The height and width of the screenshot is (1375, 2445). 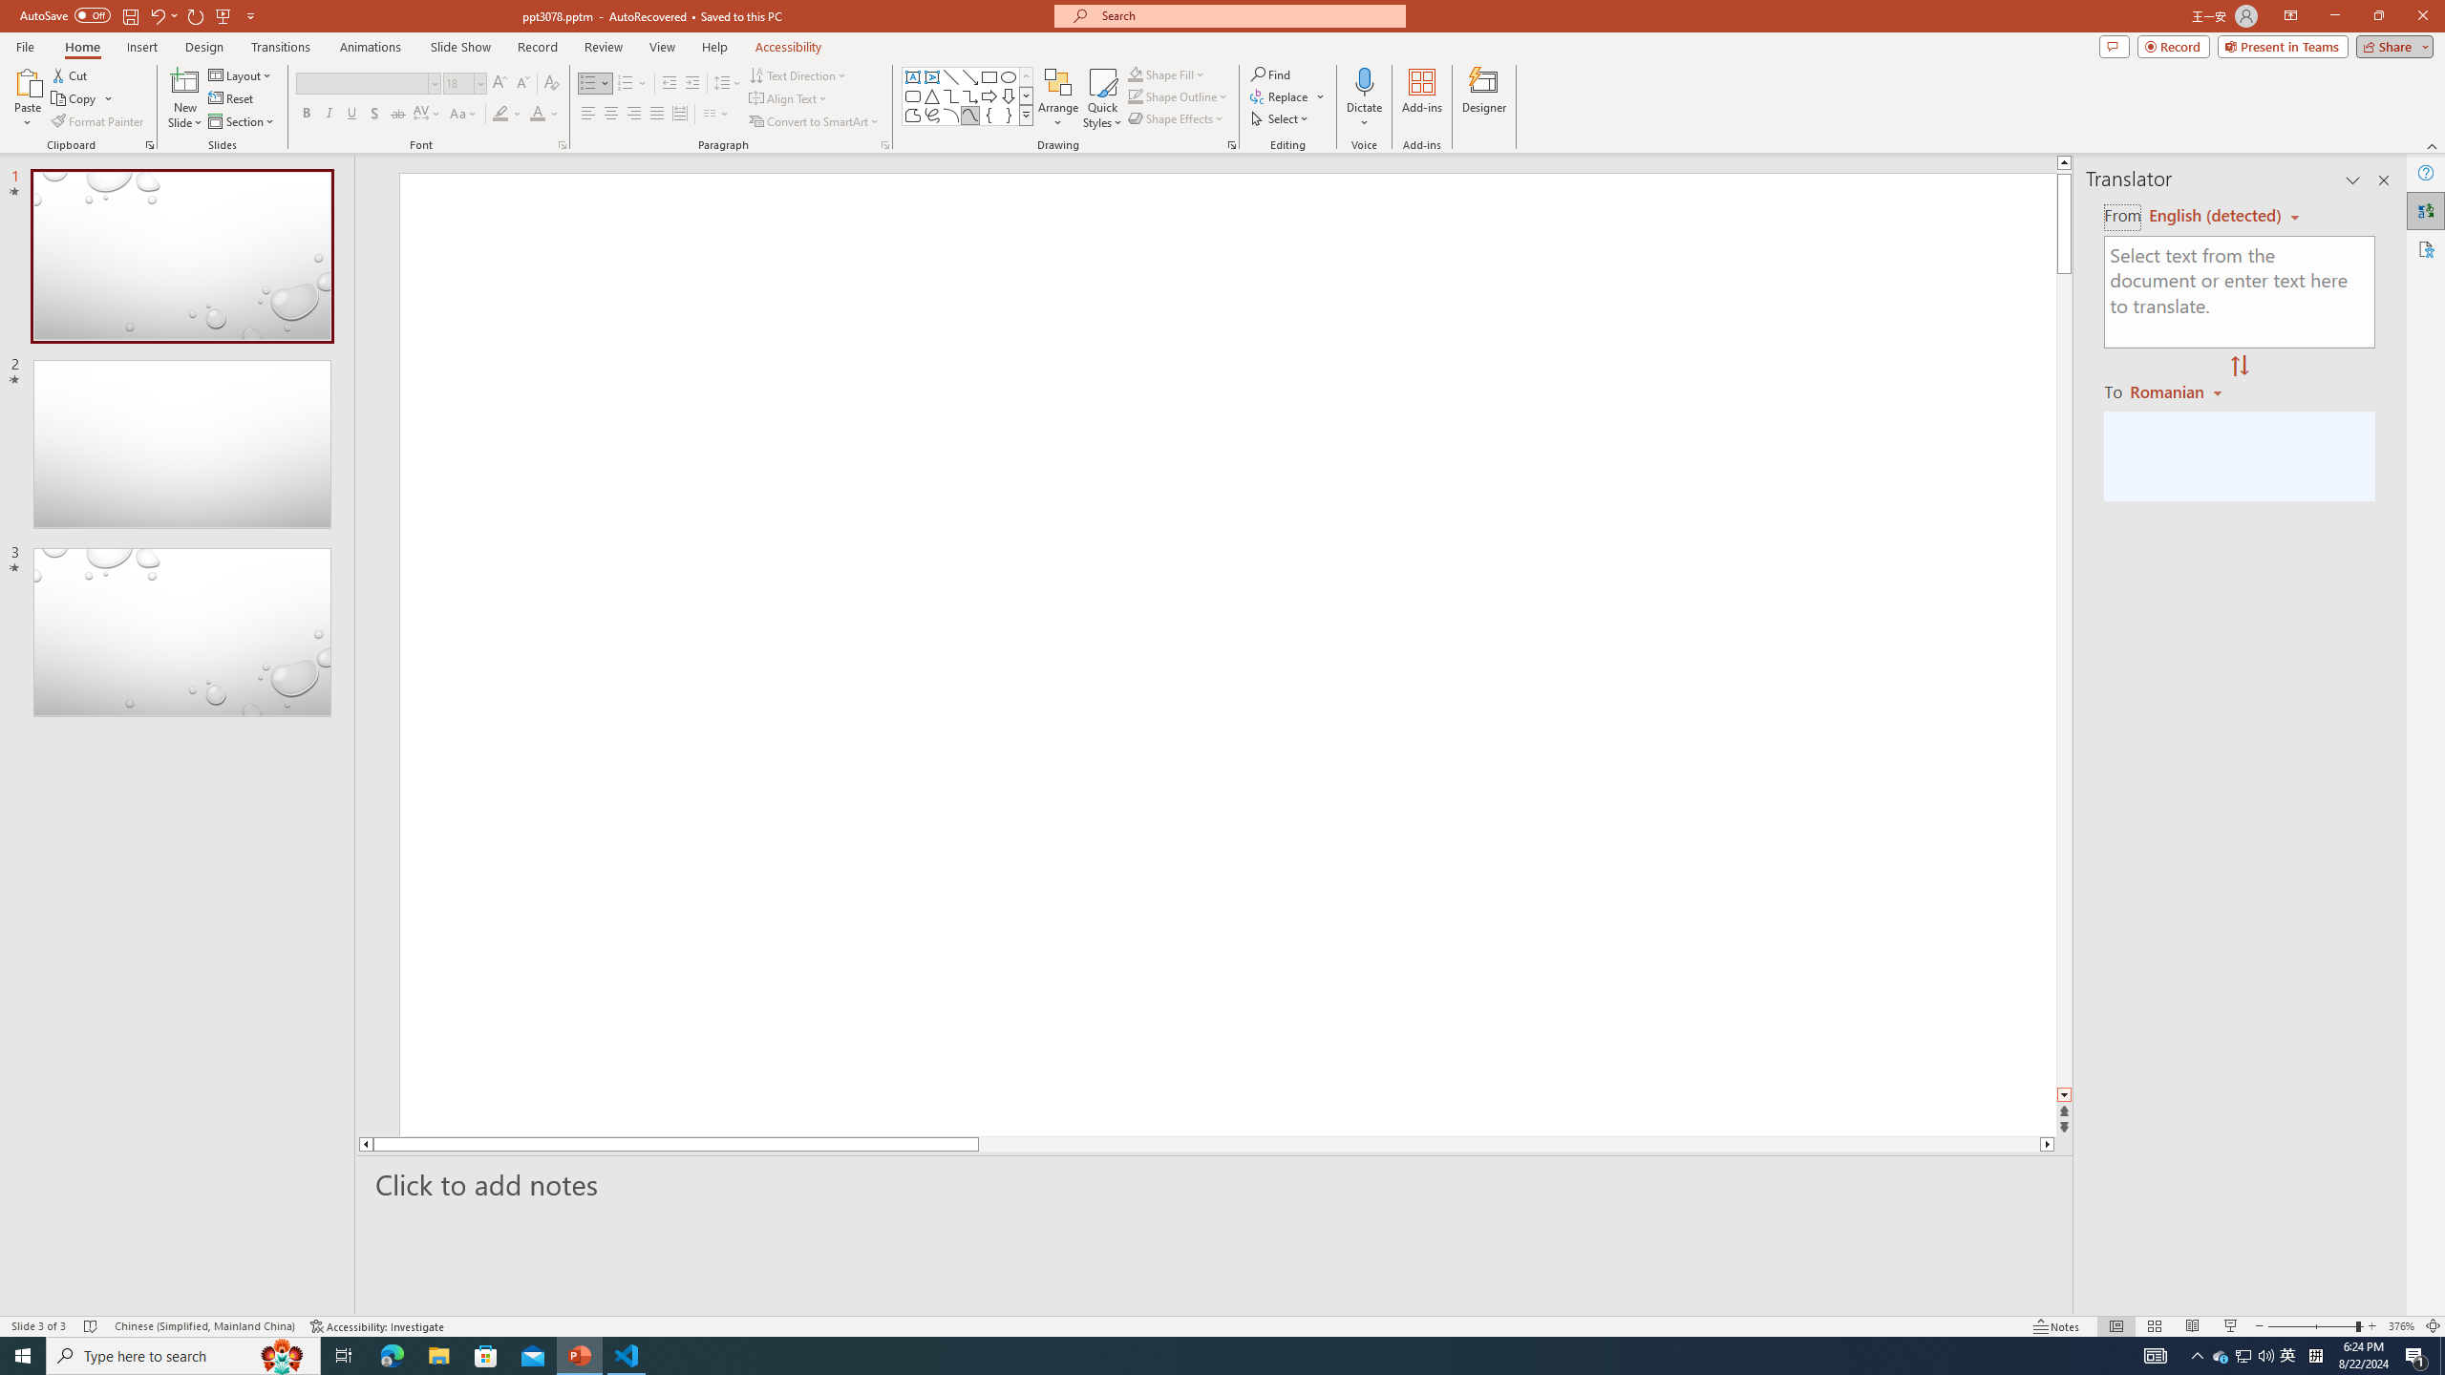 What do you see at coordinates (367, 83) in the screenshot?
I see `'Font'` at bounding box center [367, 83].